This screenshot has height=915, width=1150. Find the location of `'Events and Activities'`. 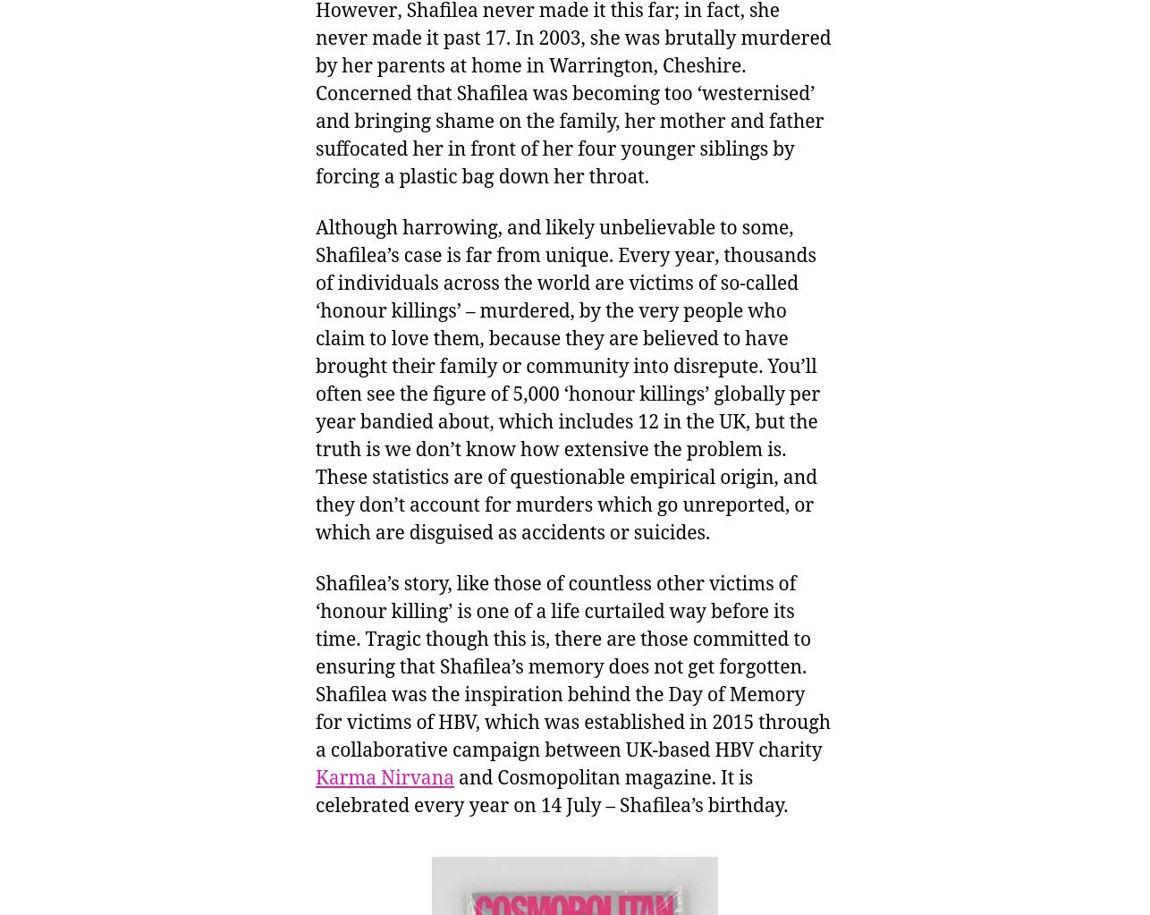

'Events and Activities' is located at coordinates (132, 401).